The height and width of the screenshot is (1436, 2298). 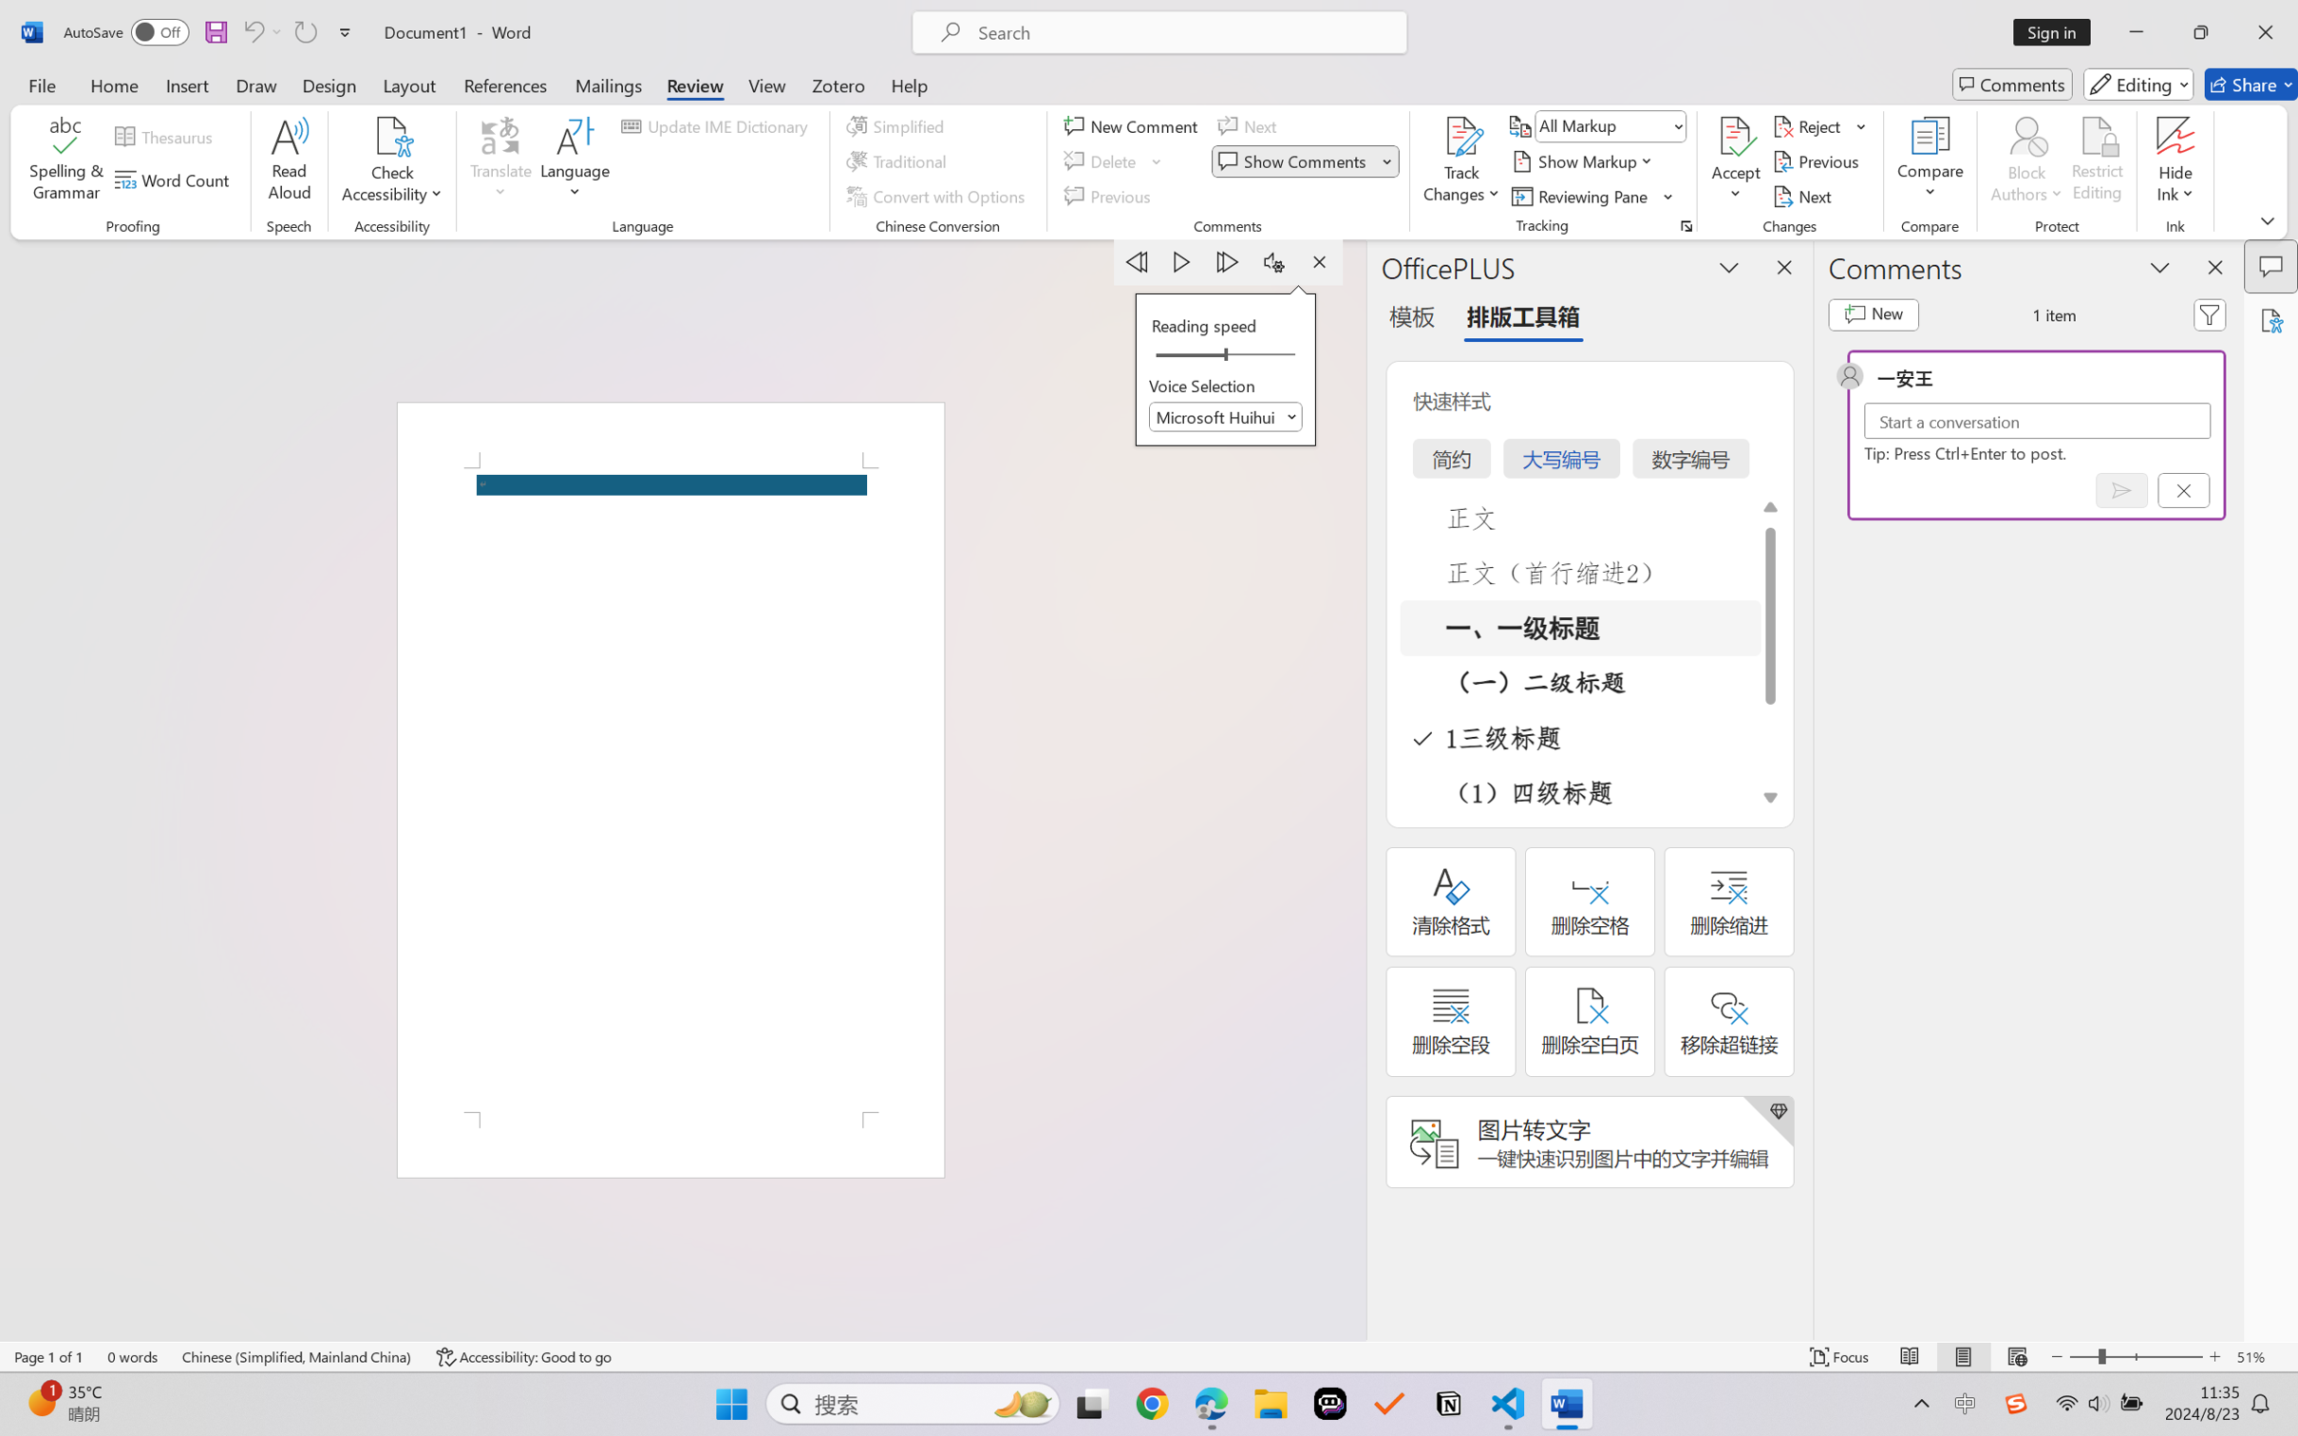 What do you see at coordinates (937, 197) in the screenshot?
I see `'Convert with Options...'` at bounding box center [937, 197].